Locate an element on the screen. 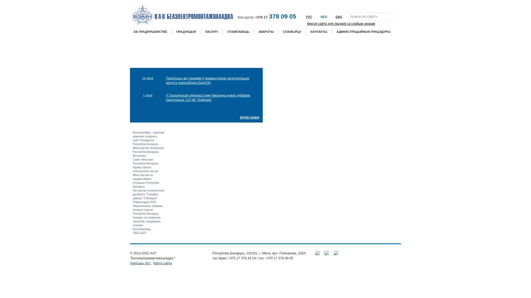 This screenshot has width=531, height=298. 'ENG' is located at coordinates (336, 17).